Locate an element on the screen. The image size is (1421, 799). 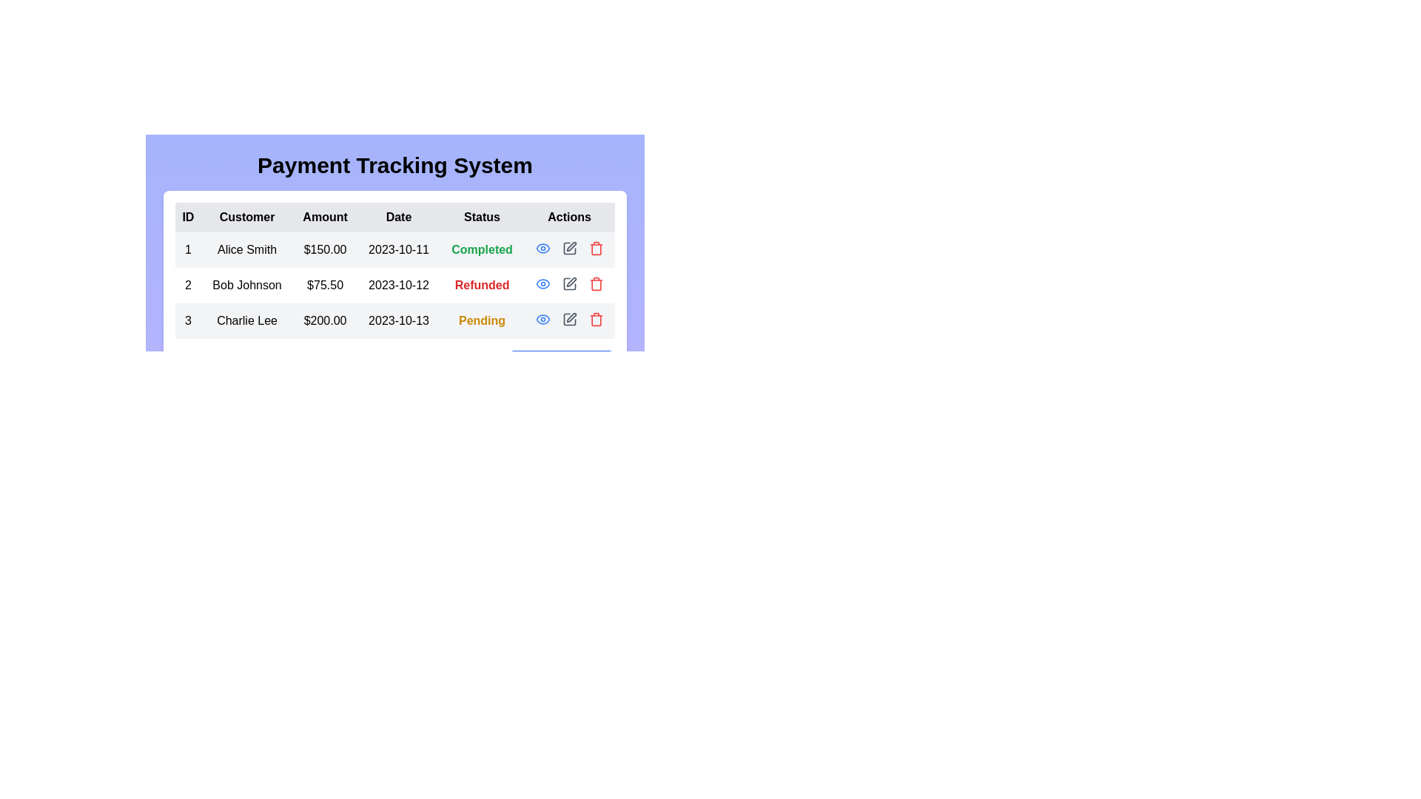
the Edit icon in the 'Actions' column of the second row for the entry corresponding to Bob Johnson, which is used to edit payment details is located at coordinates (568, 284).